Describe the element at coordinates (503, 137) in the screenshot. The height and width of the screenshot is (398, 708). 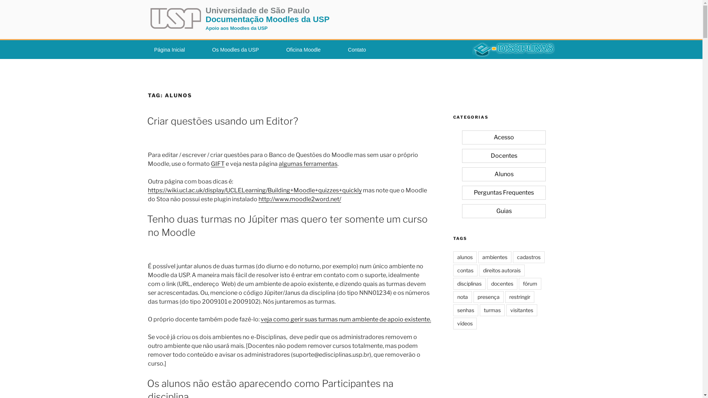
I see `'Acesso'` at that location.